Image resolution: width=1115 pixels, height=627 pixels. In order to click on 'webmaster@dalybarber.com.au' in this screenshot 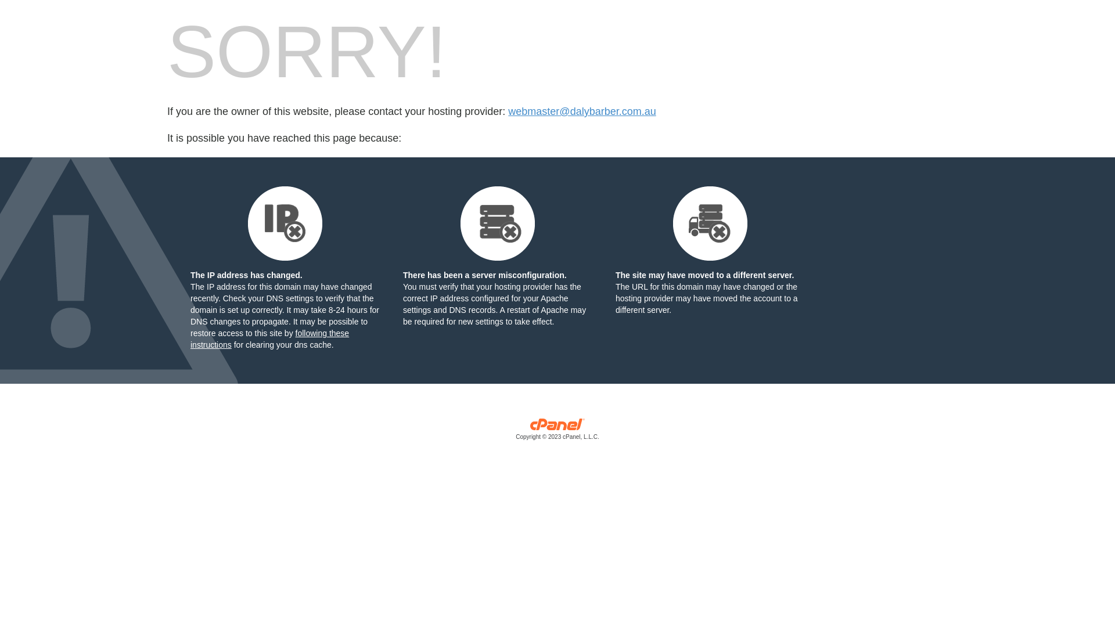, I will do `click(582, 111)`.